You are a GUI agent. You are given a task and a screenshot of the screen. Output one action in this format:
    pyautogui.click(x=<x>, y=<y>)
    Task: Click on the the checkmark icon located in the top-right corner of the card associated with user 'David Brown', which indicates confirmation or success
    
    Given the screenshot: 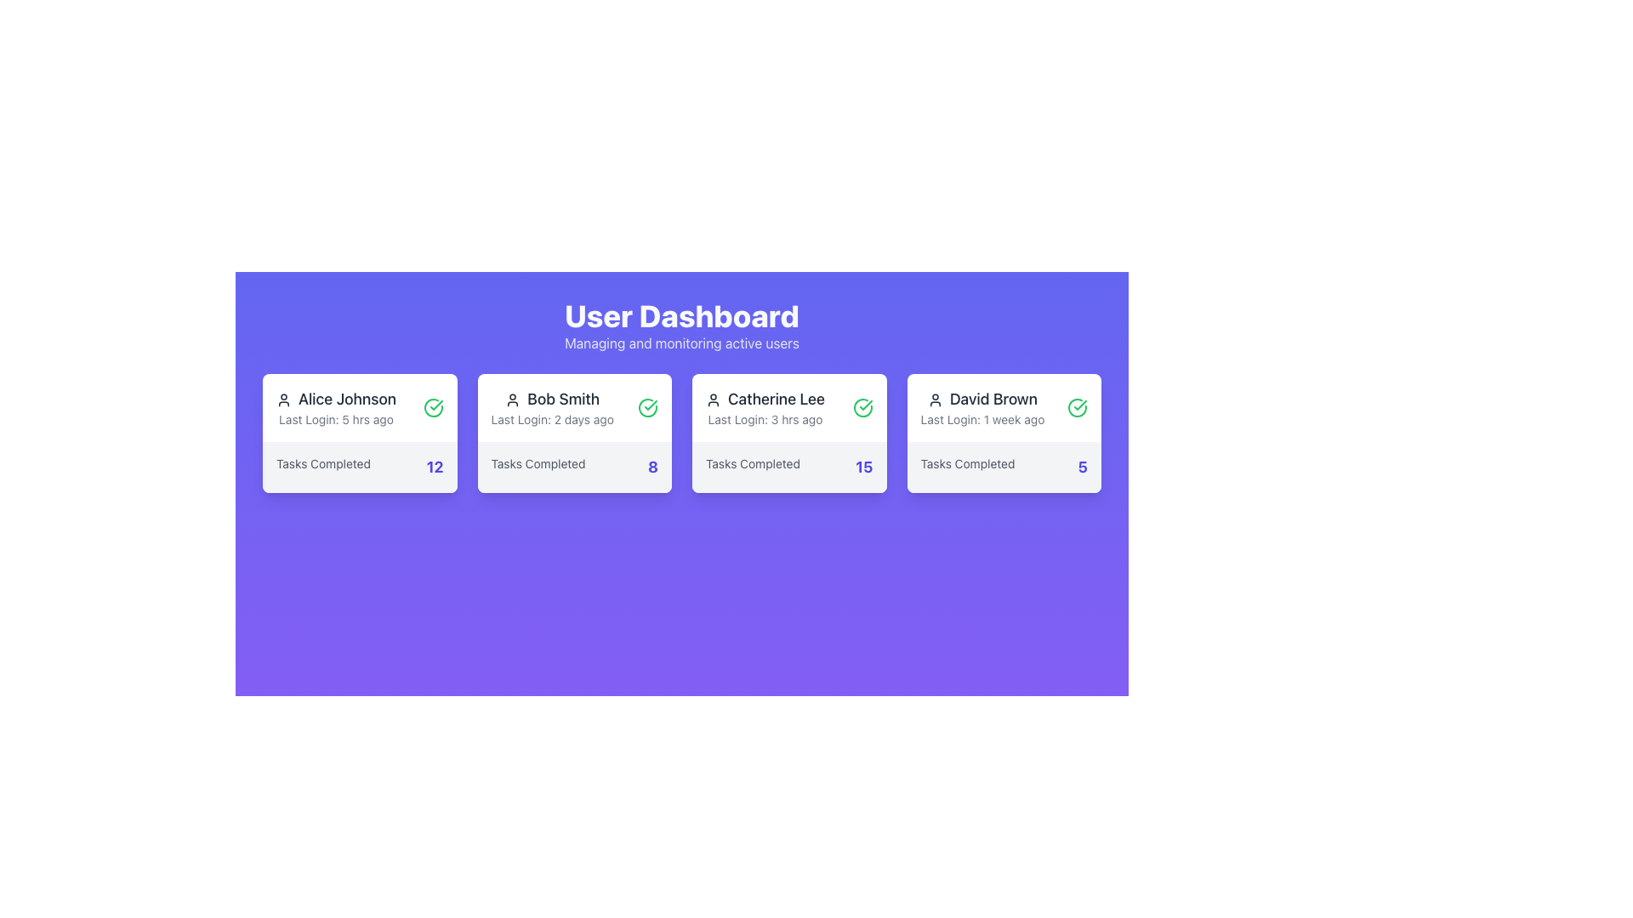 What is the action you would take?
    pyautogui.click(x=1077, y=407)
    